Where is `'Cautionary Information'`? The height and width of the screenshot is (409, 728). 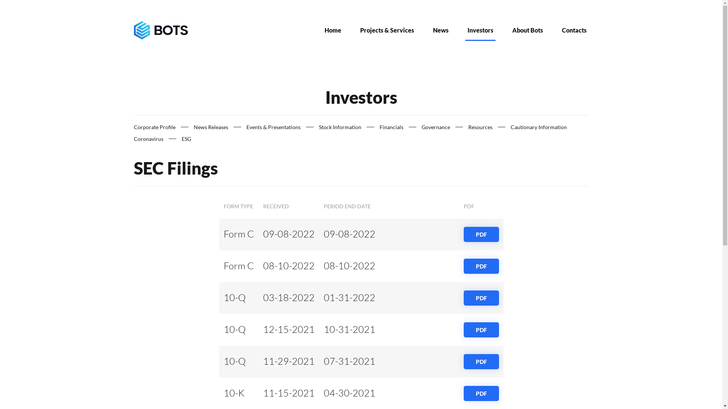
'Cautionary Information' is located at coordinates (538, 126).